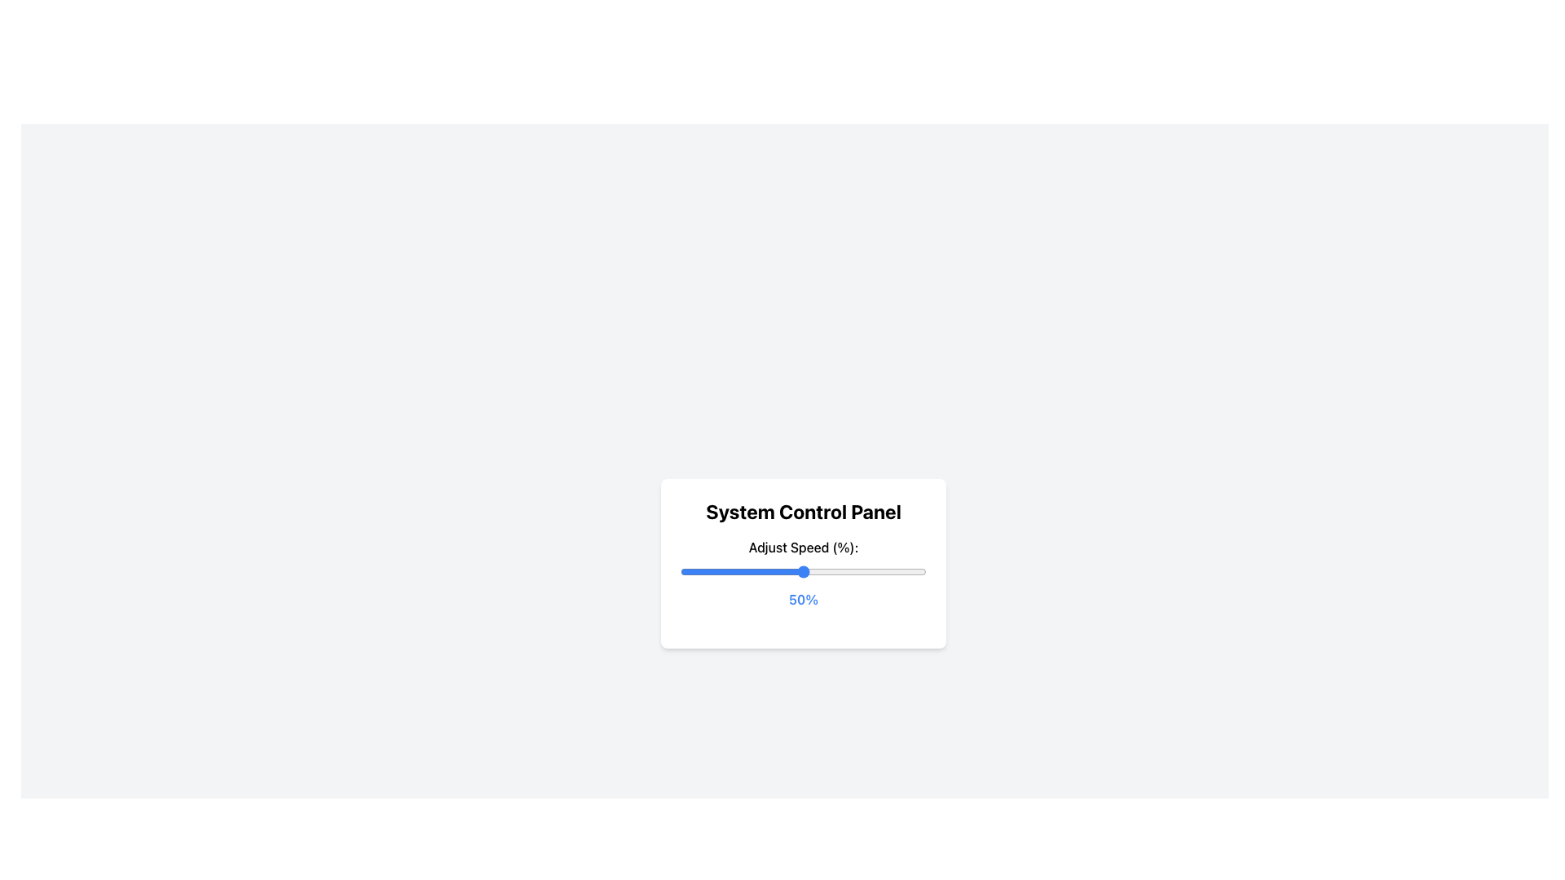 The width and height of the screenshot is (1565, 880). I want to click on the slider value, so click(826, 571).